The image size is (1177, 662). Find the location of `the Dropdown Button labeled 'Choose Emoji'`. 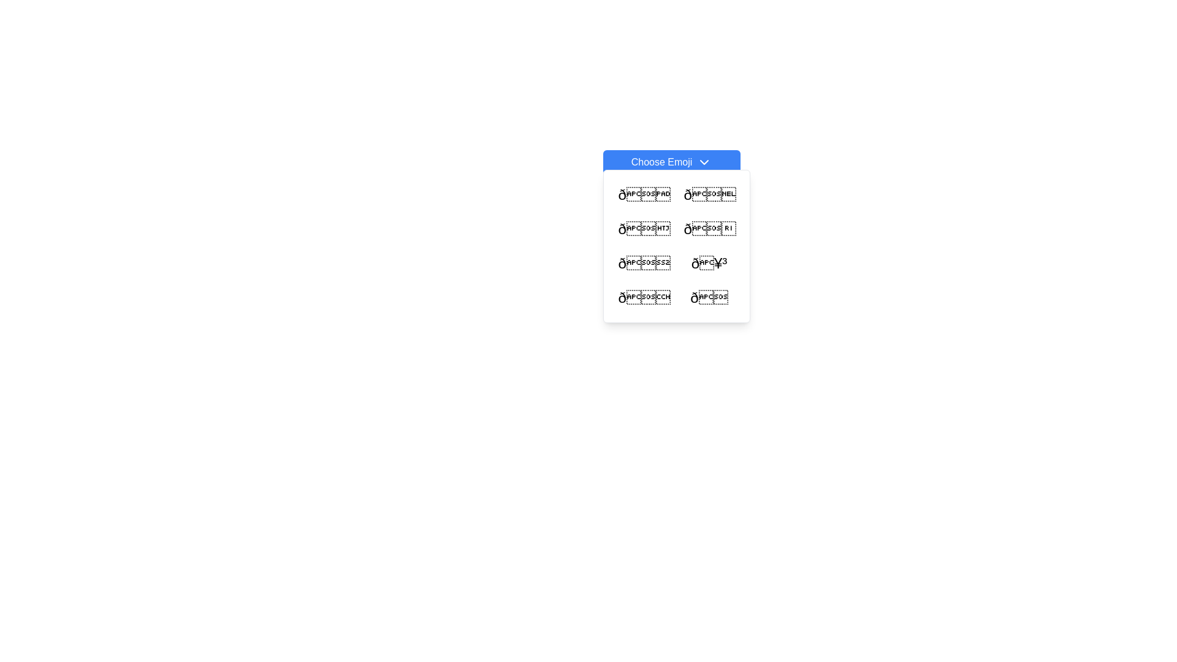

the Dropdown Button labeled 'Choose Emoji' is located at coordinates (671, 162).